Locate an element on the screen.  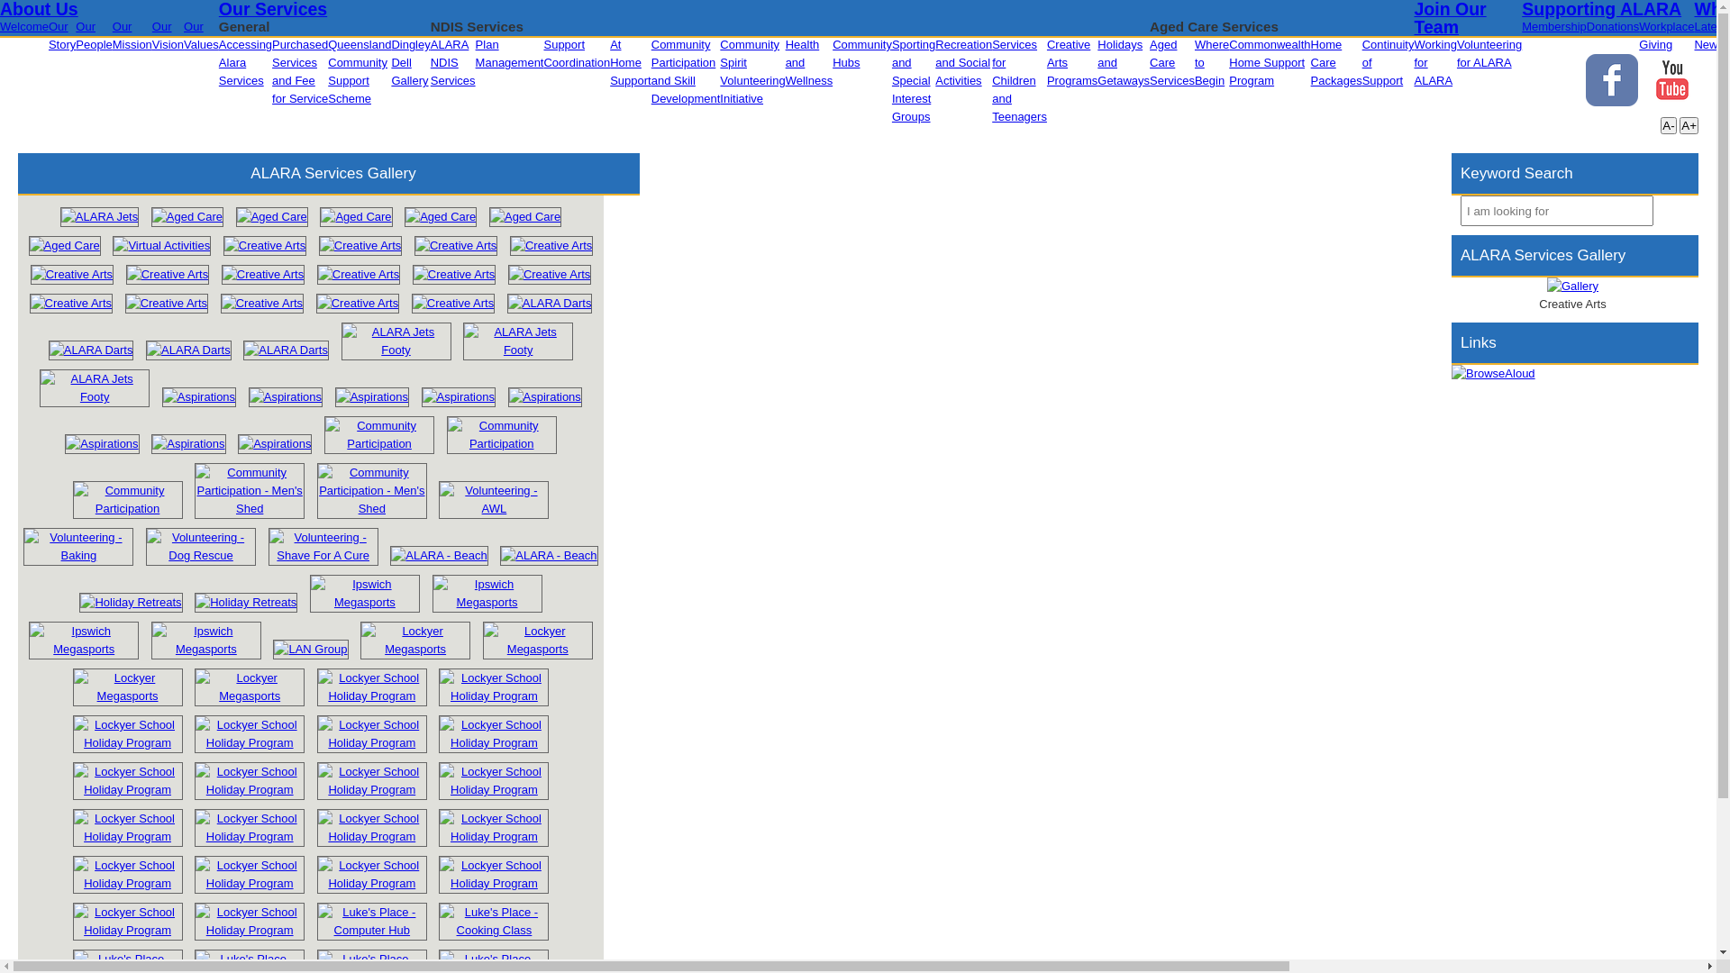
'Community Participation - Men's Shed' is located at coordinates (312, 508).